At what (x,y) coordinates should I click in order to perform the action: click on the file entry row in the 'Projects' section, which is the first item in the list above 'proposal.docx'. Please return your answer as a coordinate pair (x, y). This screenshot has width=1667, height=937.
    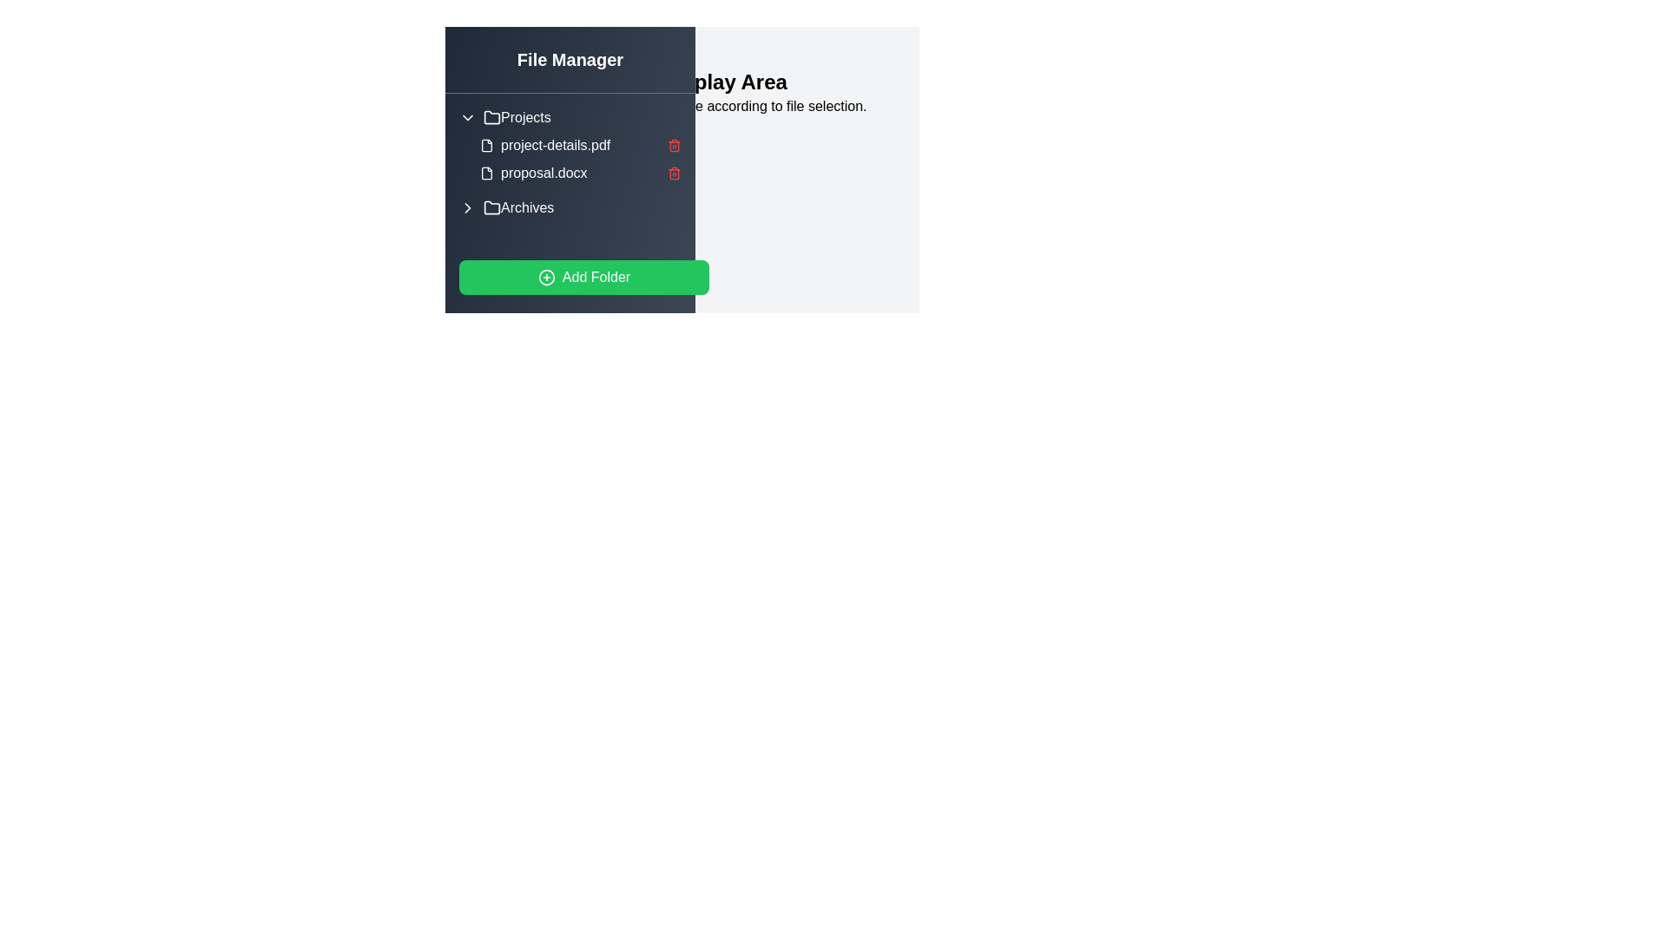
    Looking at the image, I should click on (580, 145).